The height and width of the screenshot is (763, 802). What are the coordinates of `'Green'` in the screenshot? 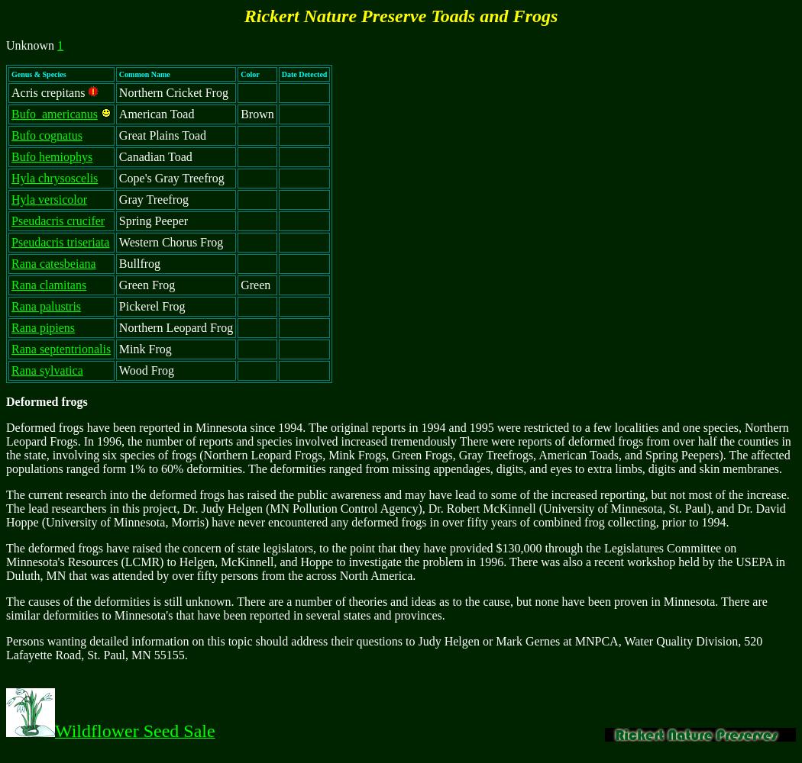 It's located at (241, 284).